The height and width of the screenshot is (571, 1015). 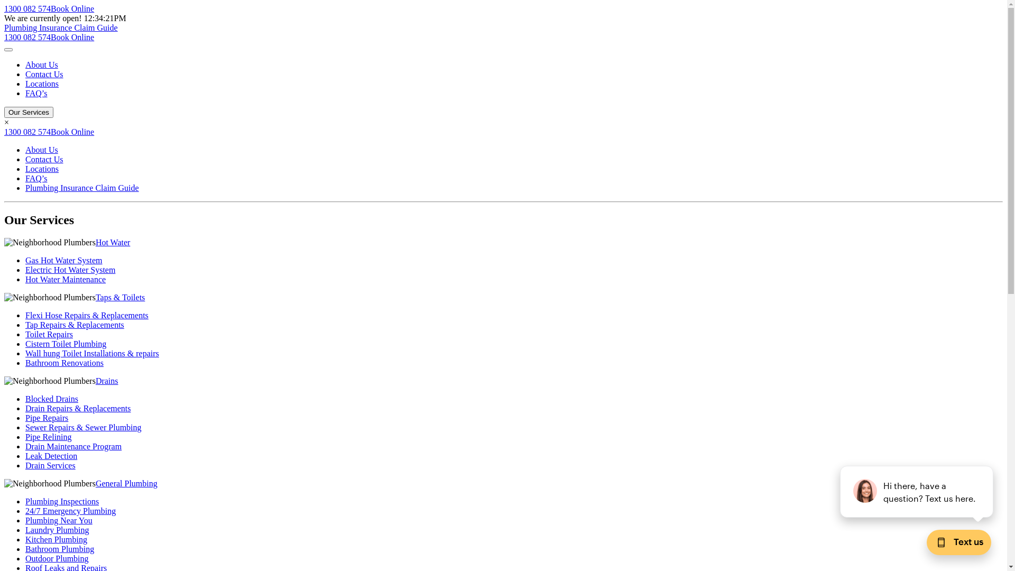 What do you see at coordinates (25, 427) in the screenshot?
I see `'Sewer Repairs & Sewer Plumbing'` at bounding box center [25, 427].